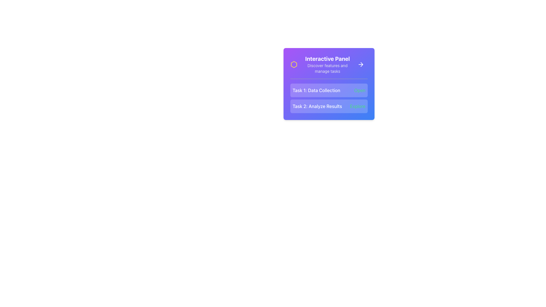 This screenshot has height=307, width=546. I want to click on the first list item labeled 'Task 1: Data Collection' with a secondary action button, so click(329, 90).